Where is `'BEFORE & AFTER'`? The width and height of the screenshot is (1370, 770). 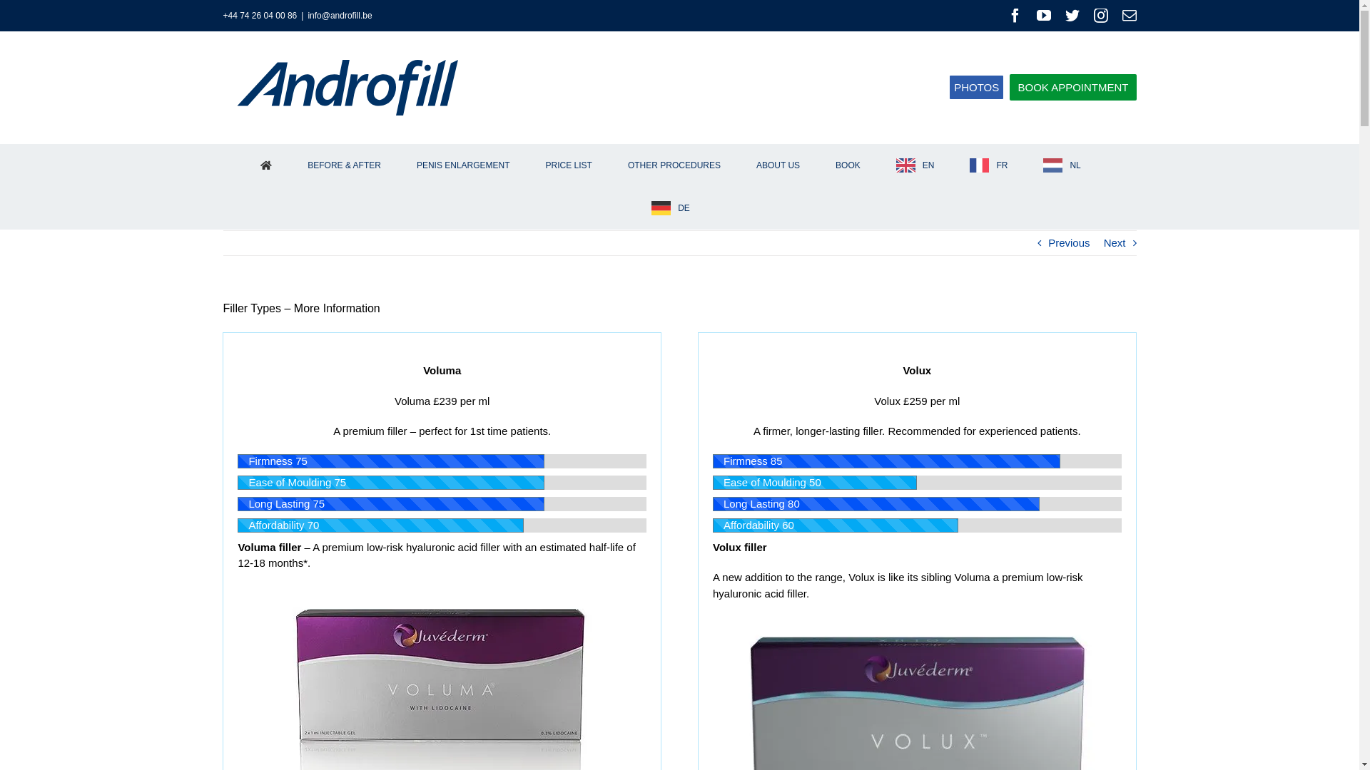 'BEFORE & AFTER' is located at coordinates (345, 164).